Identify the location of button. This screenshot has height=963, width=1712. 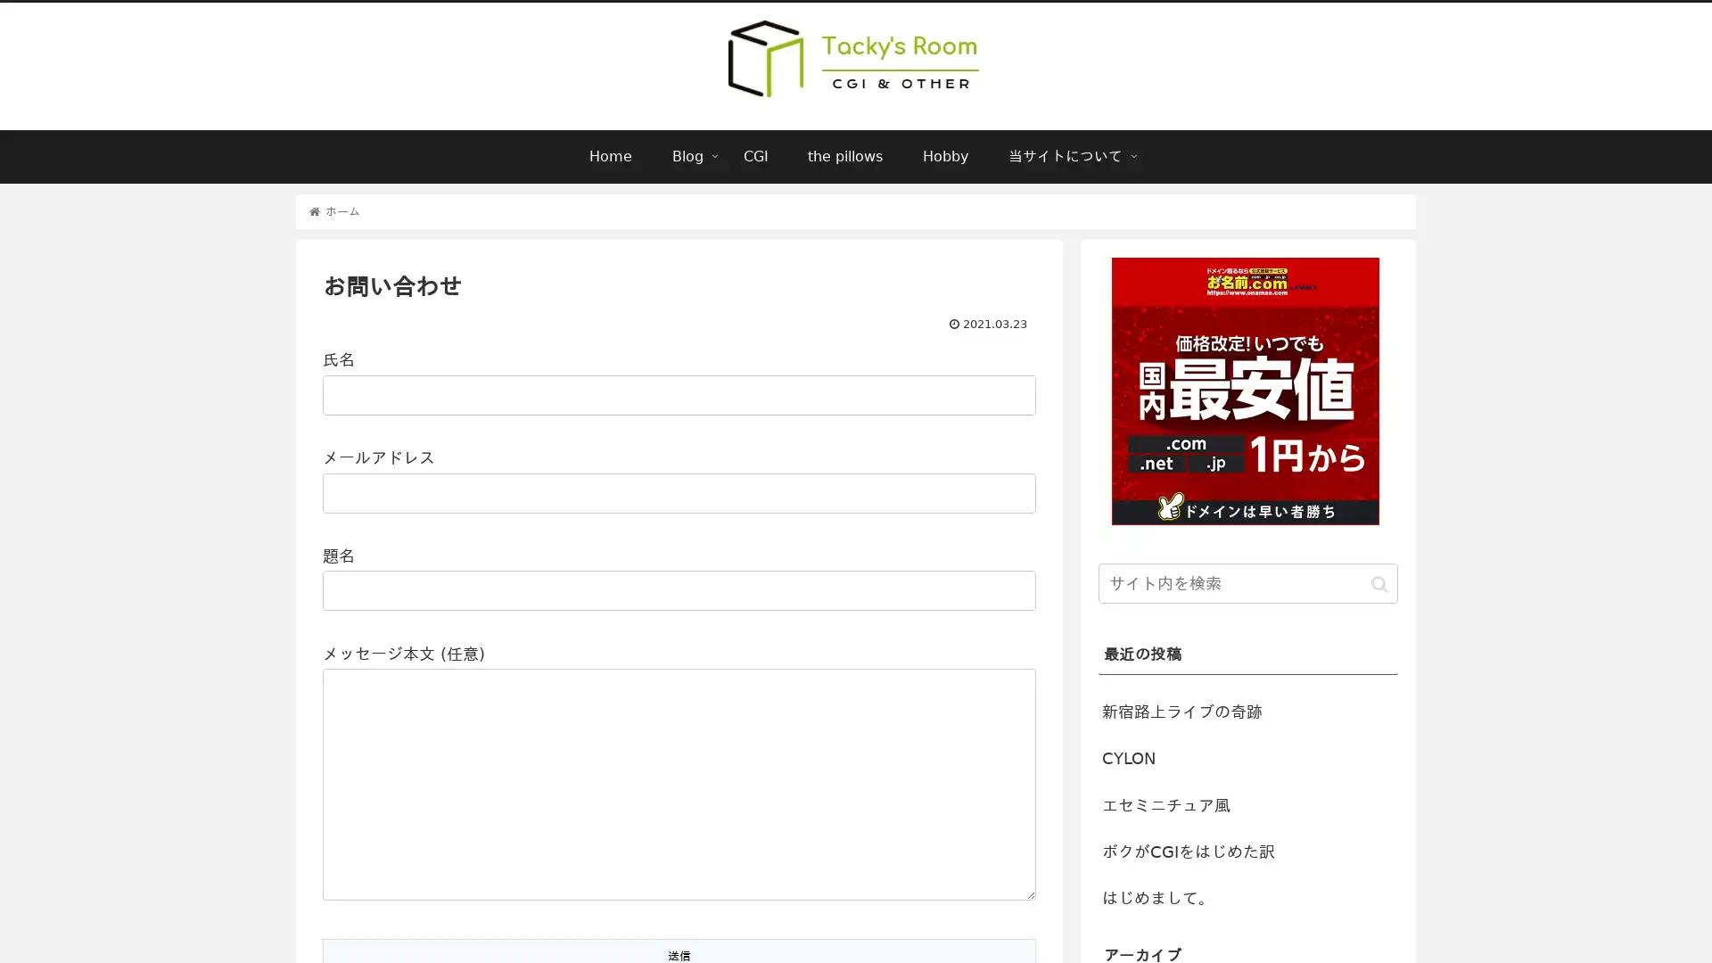
(1379, 583).